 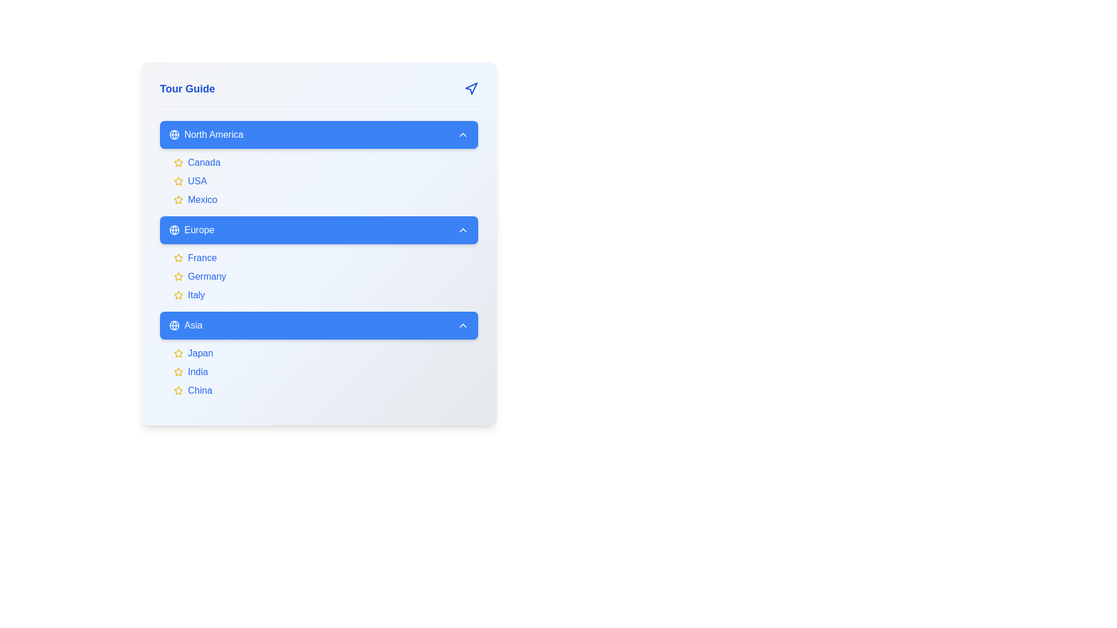 I want to click on the star icon in the 'Europe' section next to the 'France' list item, so click(x=178, y=257).